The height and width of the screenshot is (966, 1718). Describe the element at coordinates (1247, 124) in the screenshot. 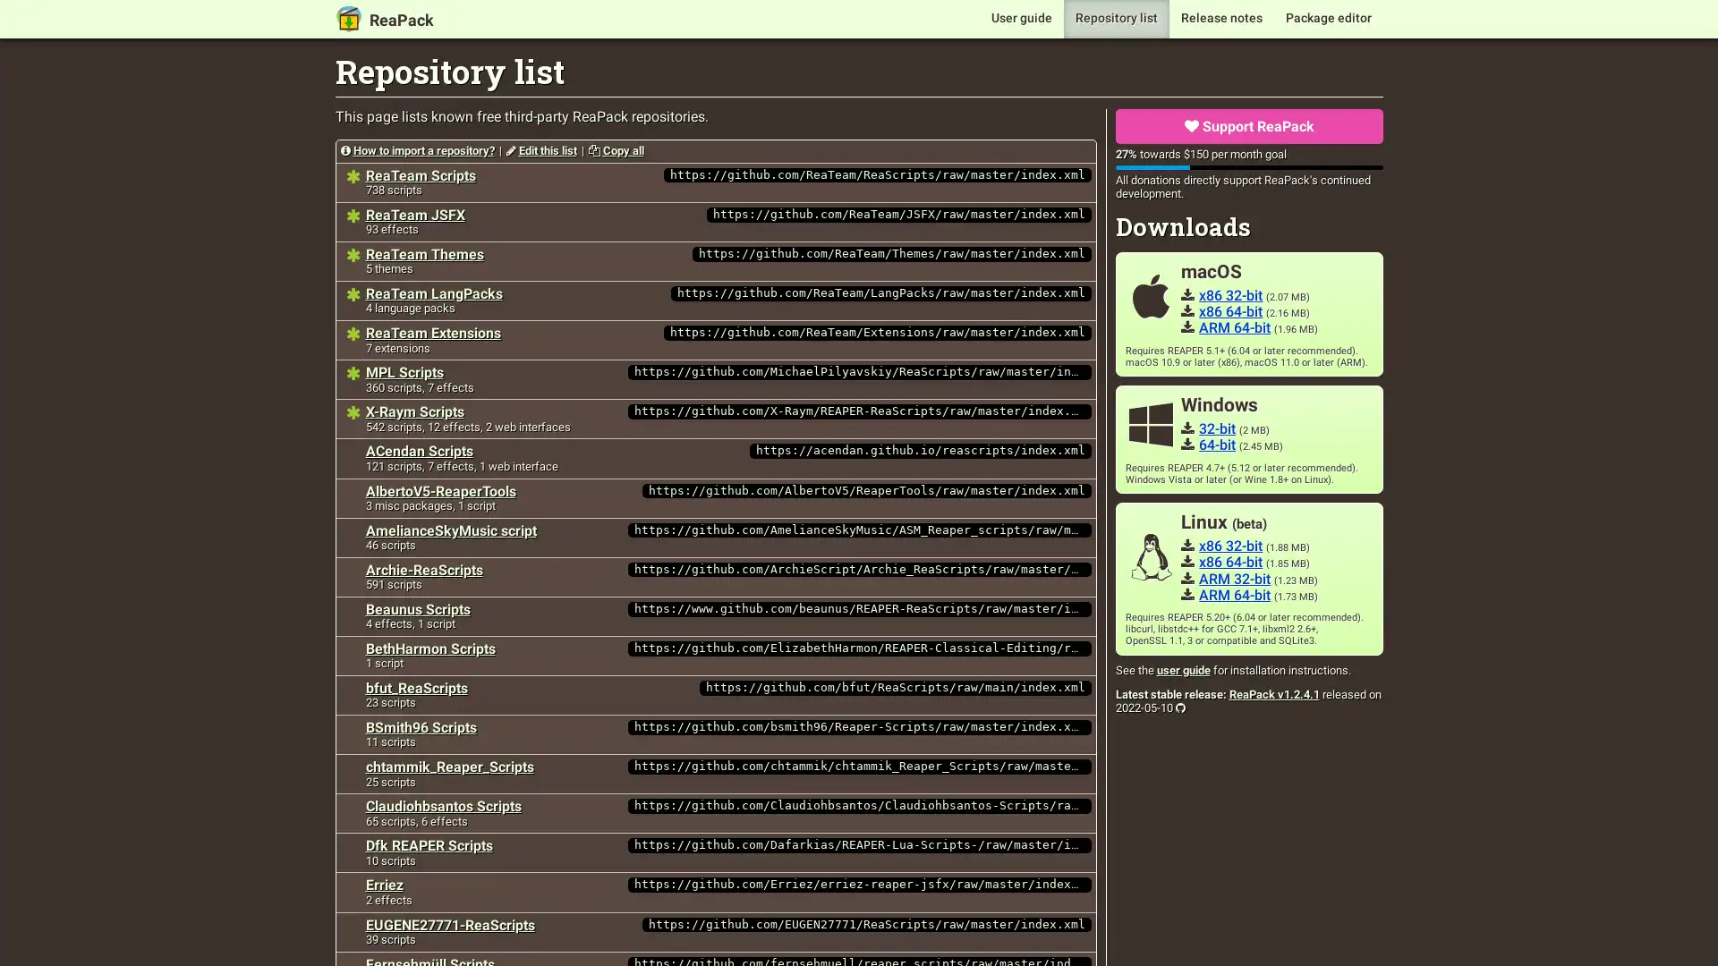

I see `Support ReaPack` at that location.